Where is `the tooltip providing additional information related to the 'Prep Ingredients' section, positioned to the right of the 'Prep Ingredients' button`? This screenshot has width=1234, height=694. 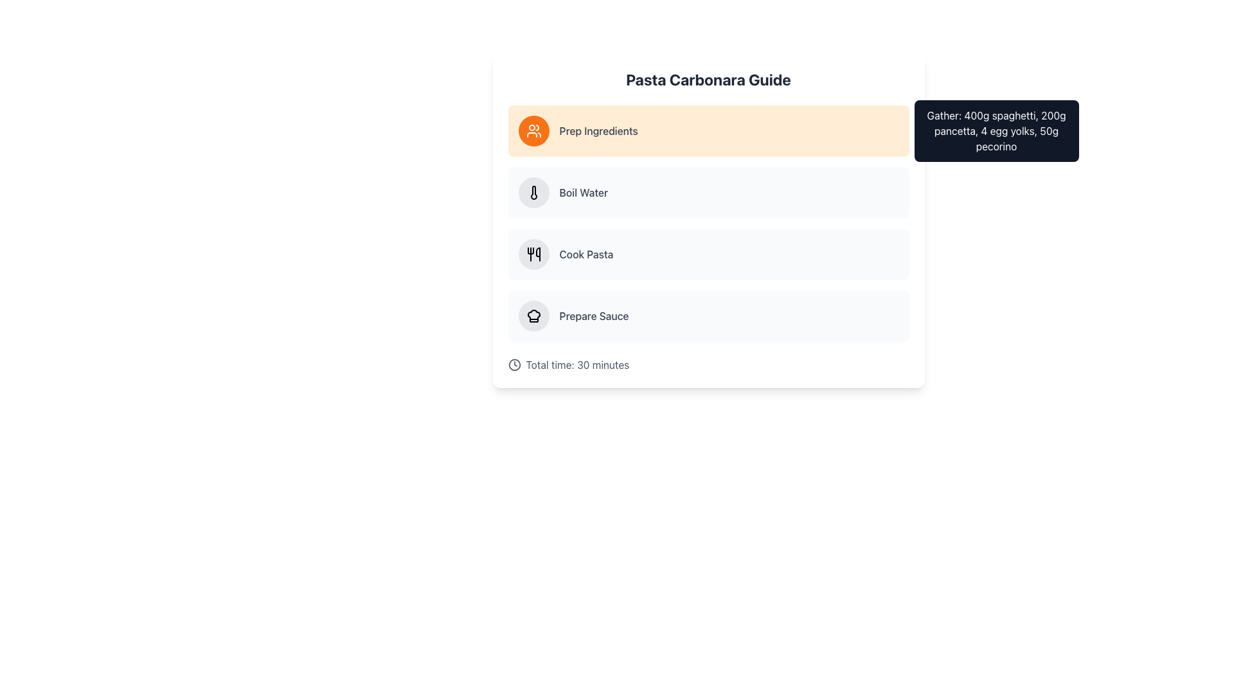 the tooltip providing additional information related to the 'Prep Ingredients' section, positioned to the right of the 'Prep Ingredients' button is located at coordinates (996, 131).